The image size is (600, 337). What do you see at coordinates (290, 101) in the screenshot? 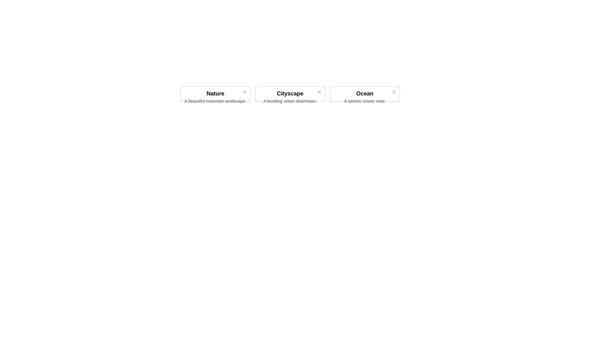
I see `the text label that says 'A bustling urban downtown', located beneath the 'Cityscape' label in the card-like UI element` at bounding box center [290, 101].